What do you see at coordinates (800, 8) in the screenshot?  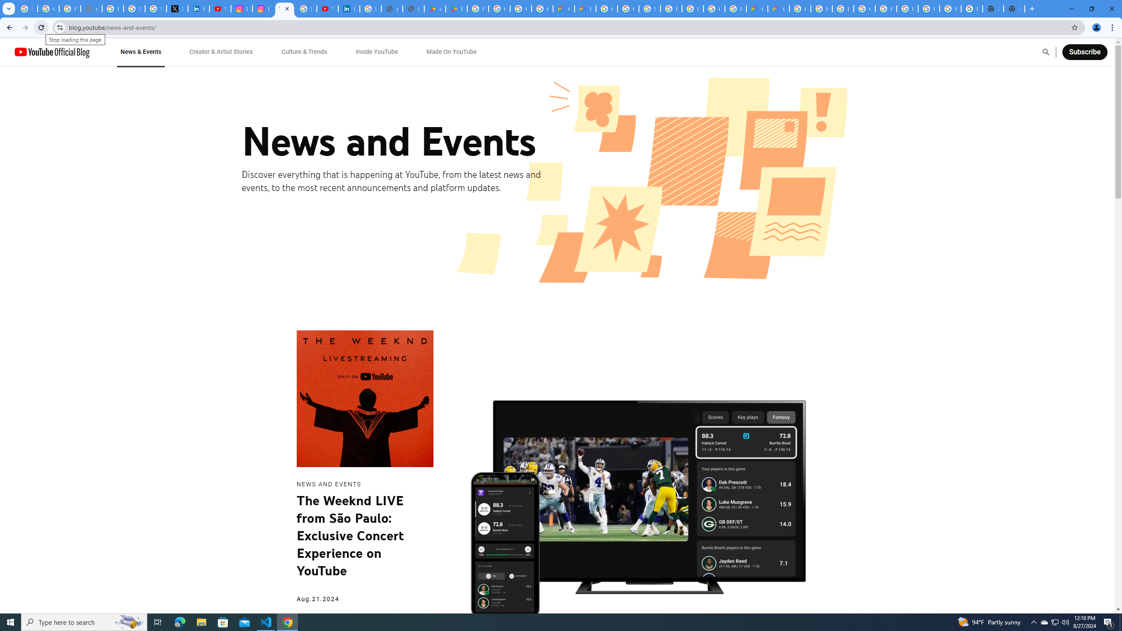 I see `'Google Cloud Platform'` at bounding box center [800, 8].